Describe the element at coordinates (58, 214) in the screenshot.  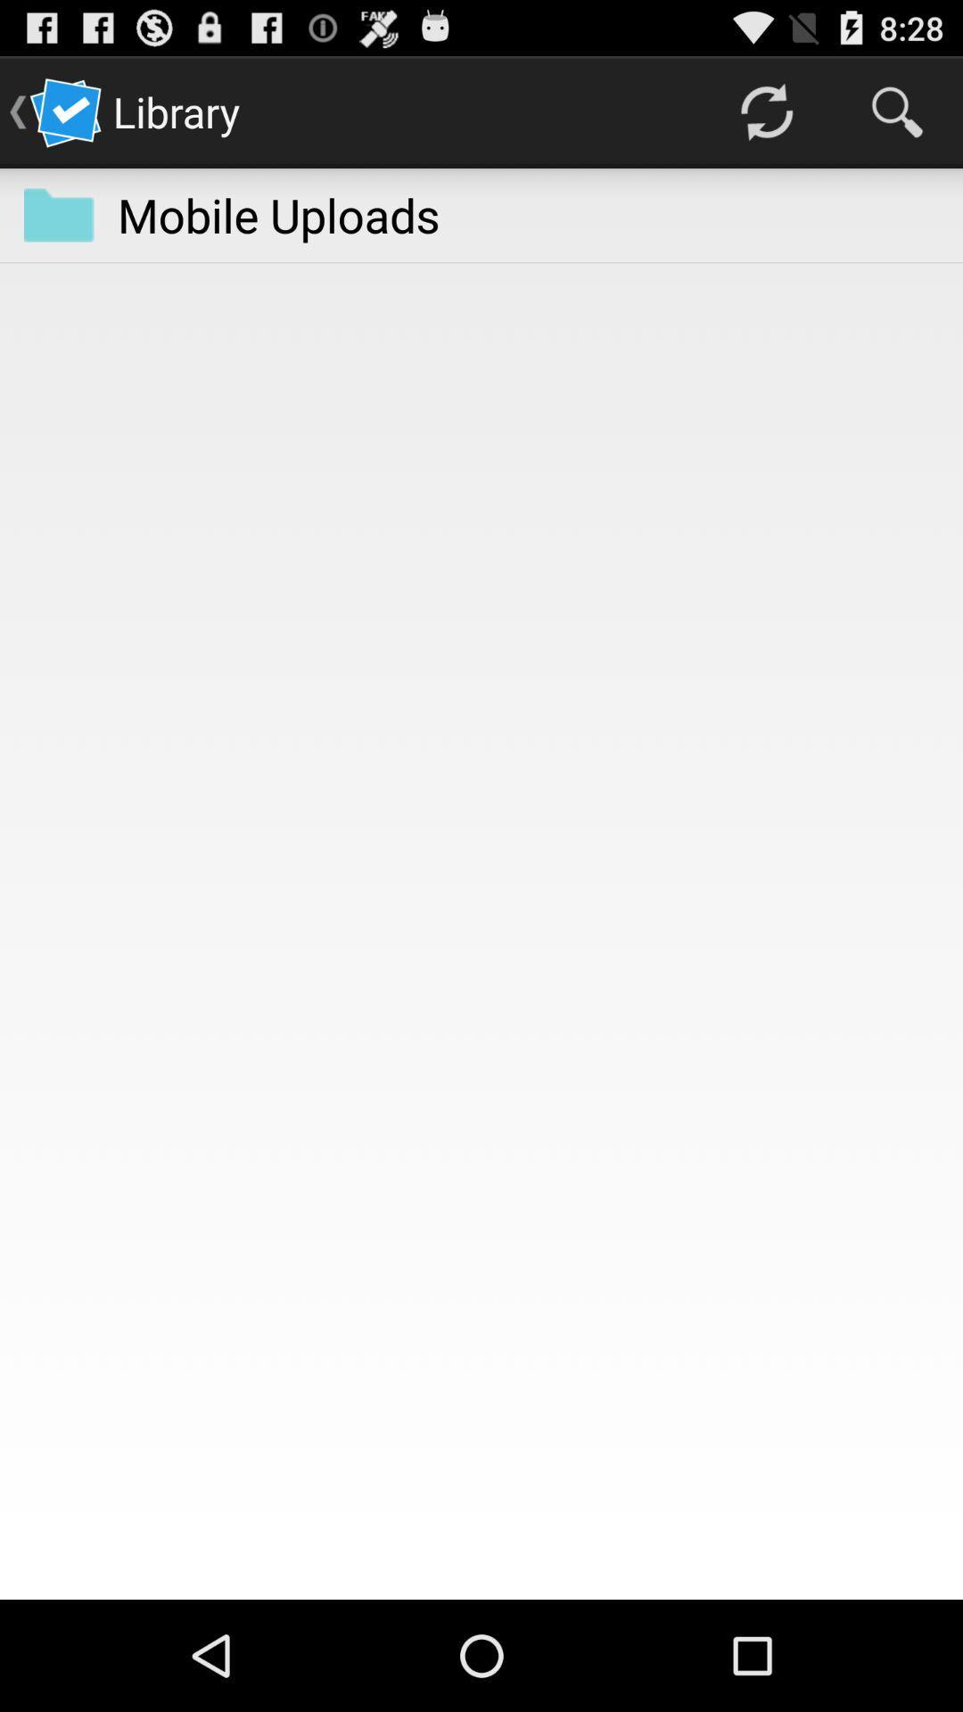
I see `item to the left of the mobile uploads item` at that location.